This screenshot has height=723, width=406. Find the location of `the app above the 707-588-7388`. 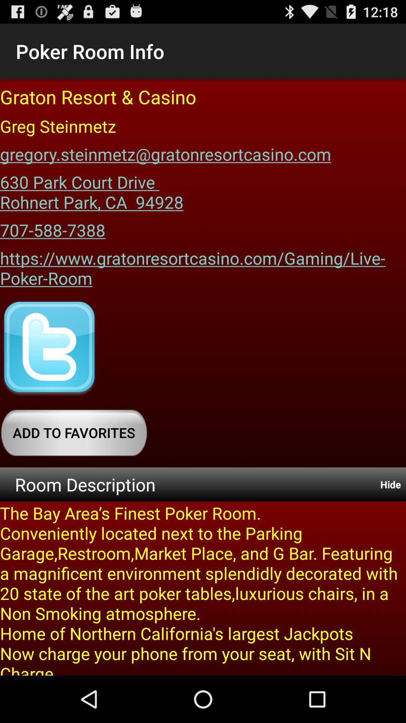

the app above the 707-588-7388 is located at coordinates (91, 189).